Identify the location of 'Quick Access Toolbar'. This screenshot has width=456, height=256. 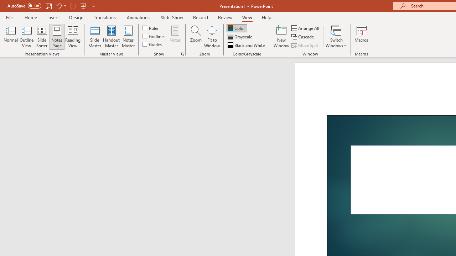
(51, 6).